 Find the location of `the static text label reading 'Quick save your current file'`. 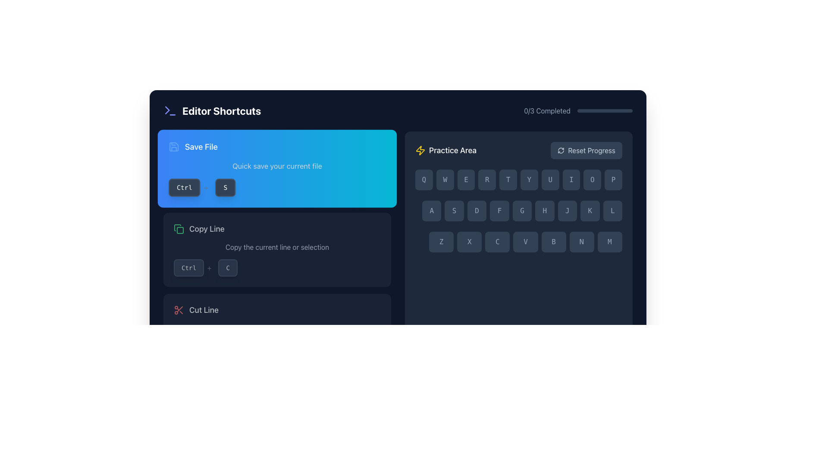

the static text label reading 'Quick save your current file' is located at coordinates (277, 166).